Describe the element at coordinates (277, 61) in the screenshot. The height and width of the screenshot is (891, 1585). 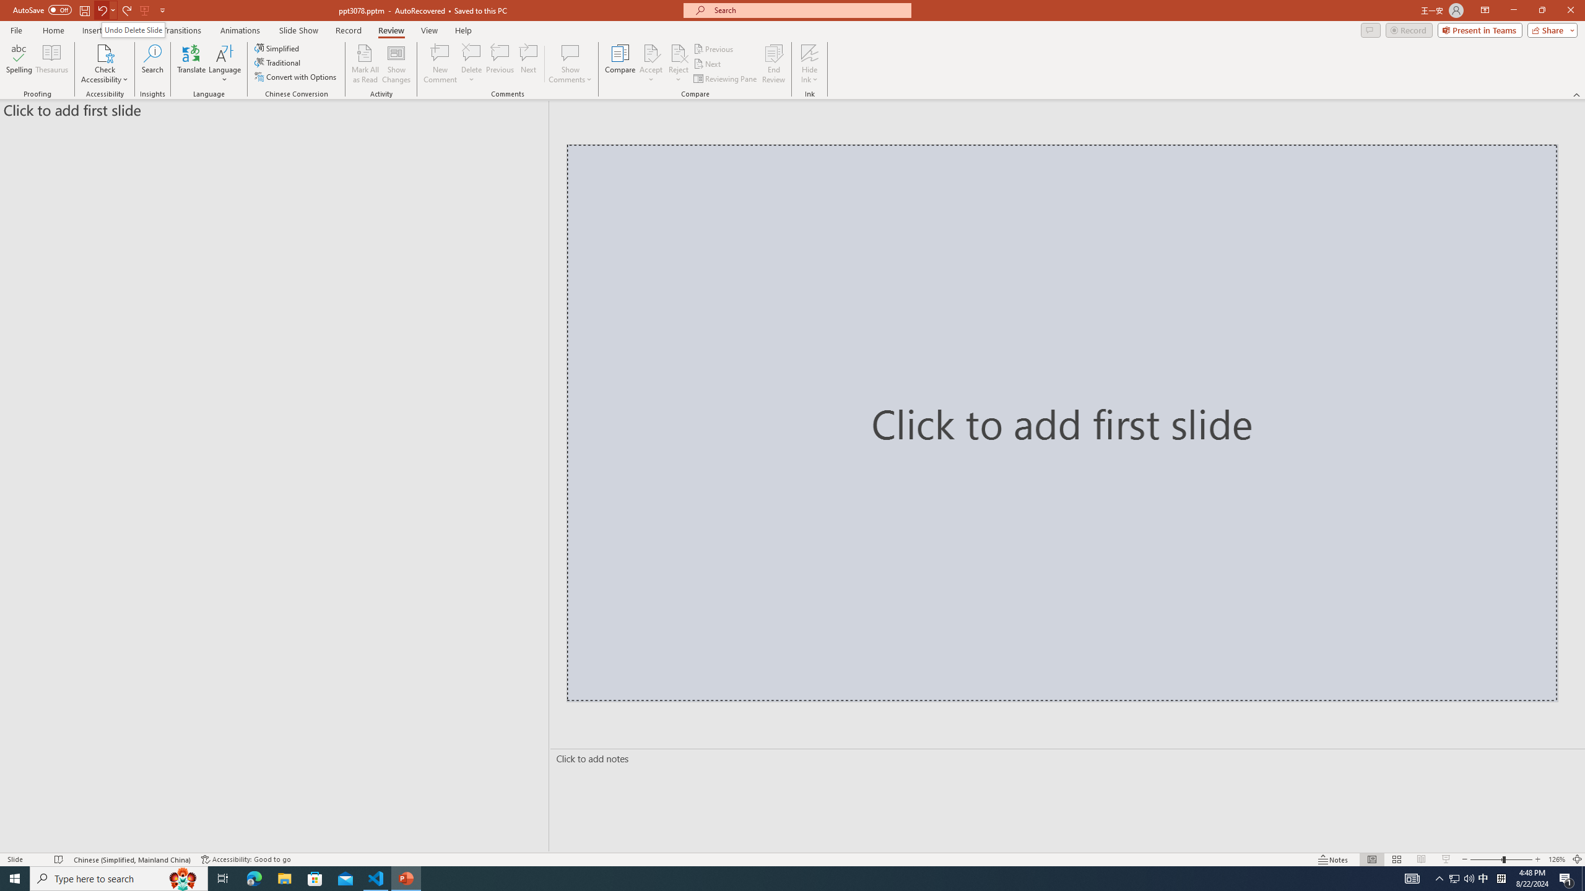
I see `'Traditional'` at that location.